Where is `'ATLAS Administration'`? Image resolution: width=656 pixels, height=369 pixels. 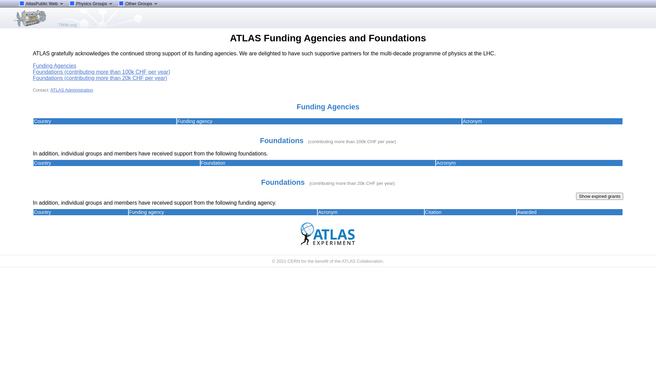 'ATLAS Administration' is located at coordinates (71, 90).